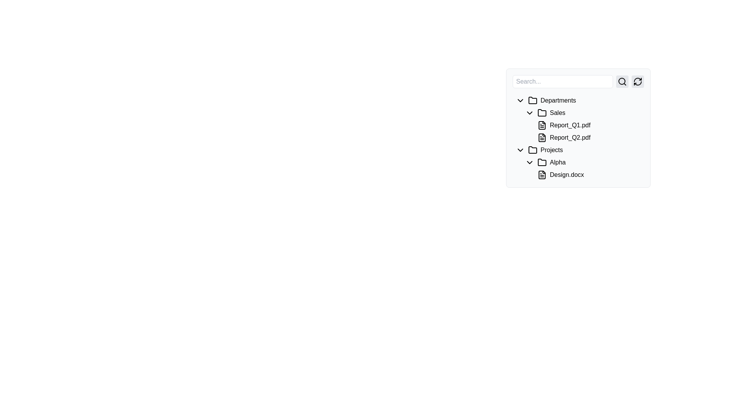 The width and height of the screenshot is (744, 418). I want to click on to select the list item labeled 'Report_Q1.pdfReport_Q2.pdf' located under the 'Sales' section, so click(583, 125).